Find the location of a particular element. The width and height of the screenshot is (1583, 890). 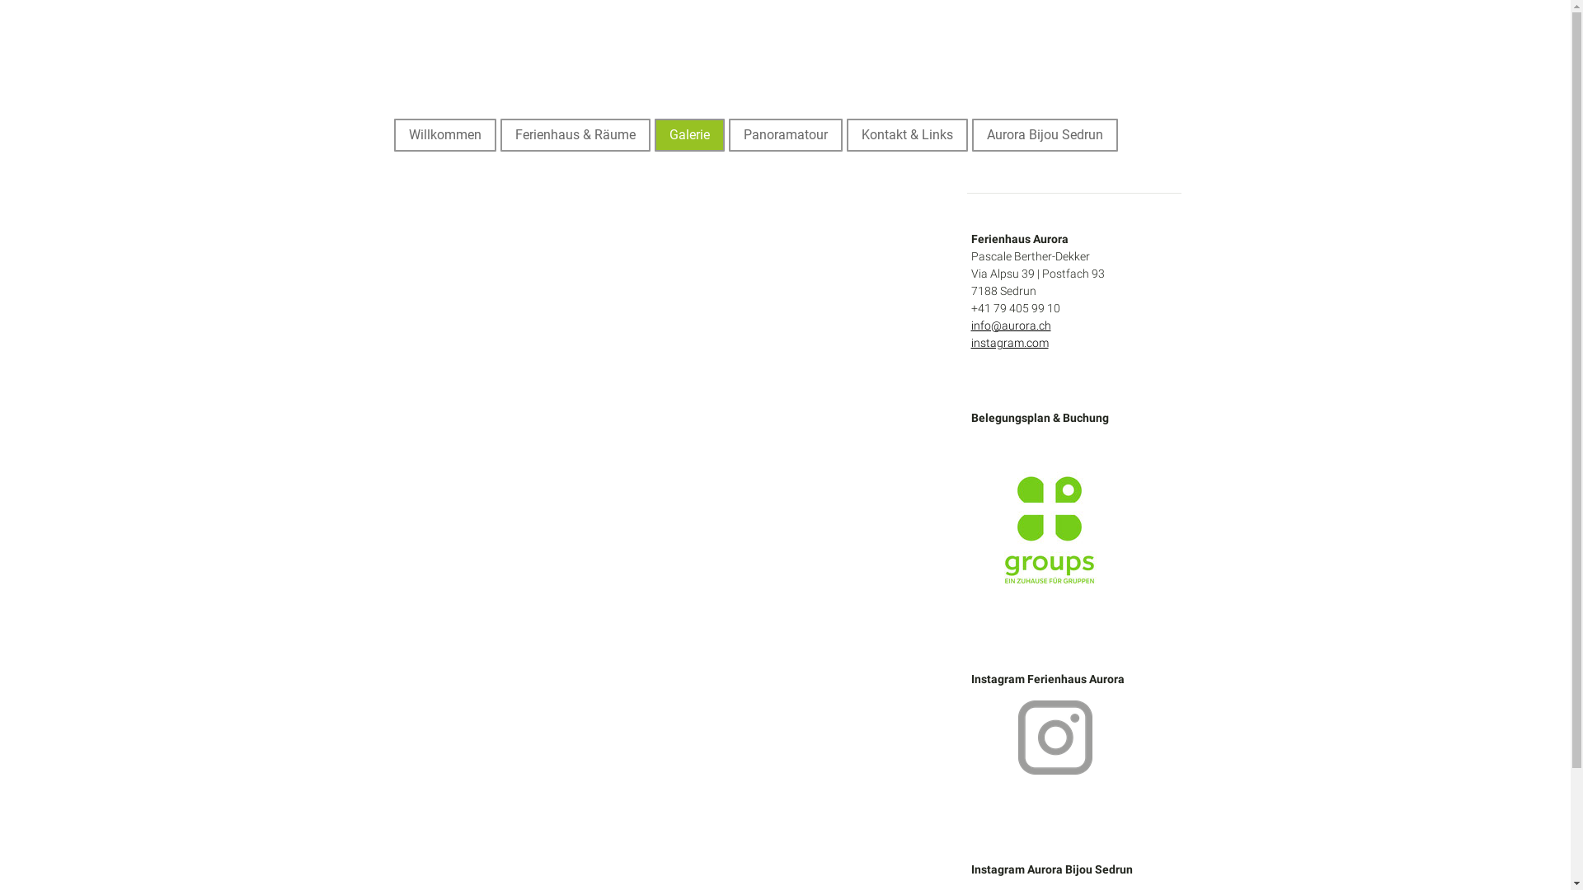

'Galerie' is located at coordinates (655, 134).